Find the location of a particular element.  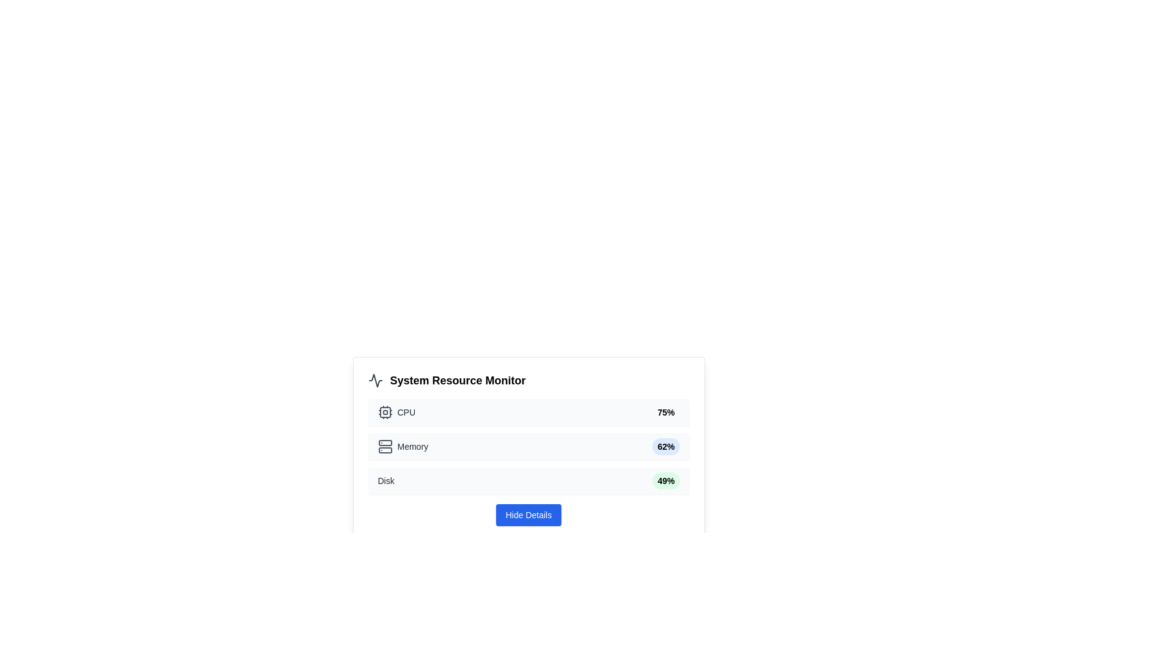

the 'CPU' text label, which is styled with a medium-sized, gray font and located in the 'System Resource Monitor' panel next to the CPU icon and above the 75% percentage indicator is located at coordinates (406, 413).